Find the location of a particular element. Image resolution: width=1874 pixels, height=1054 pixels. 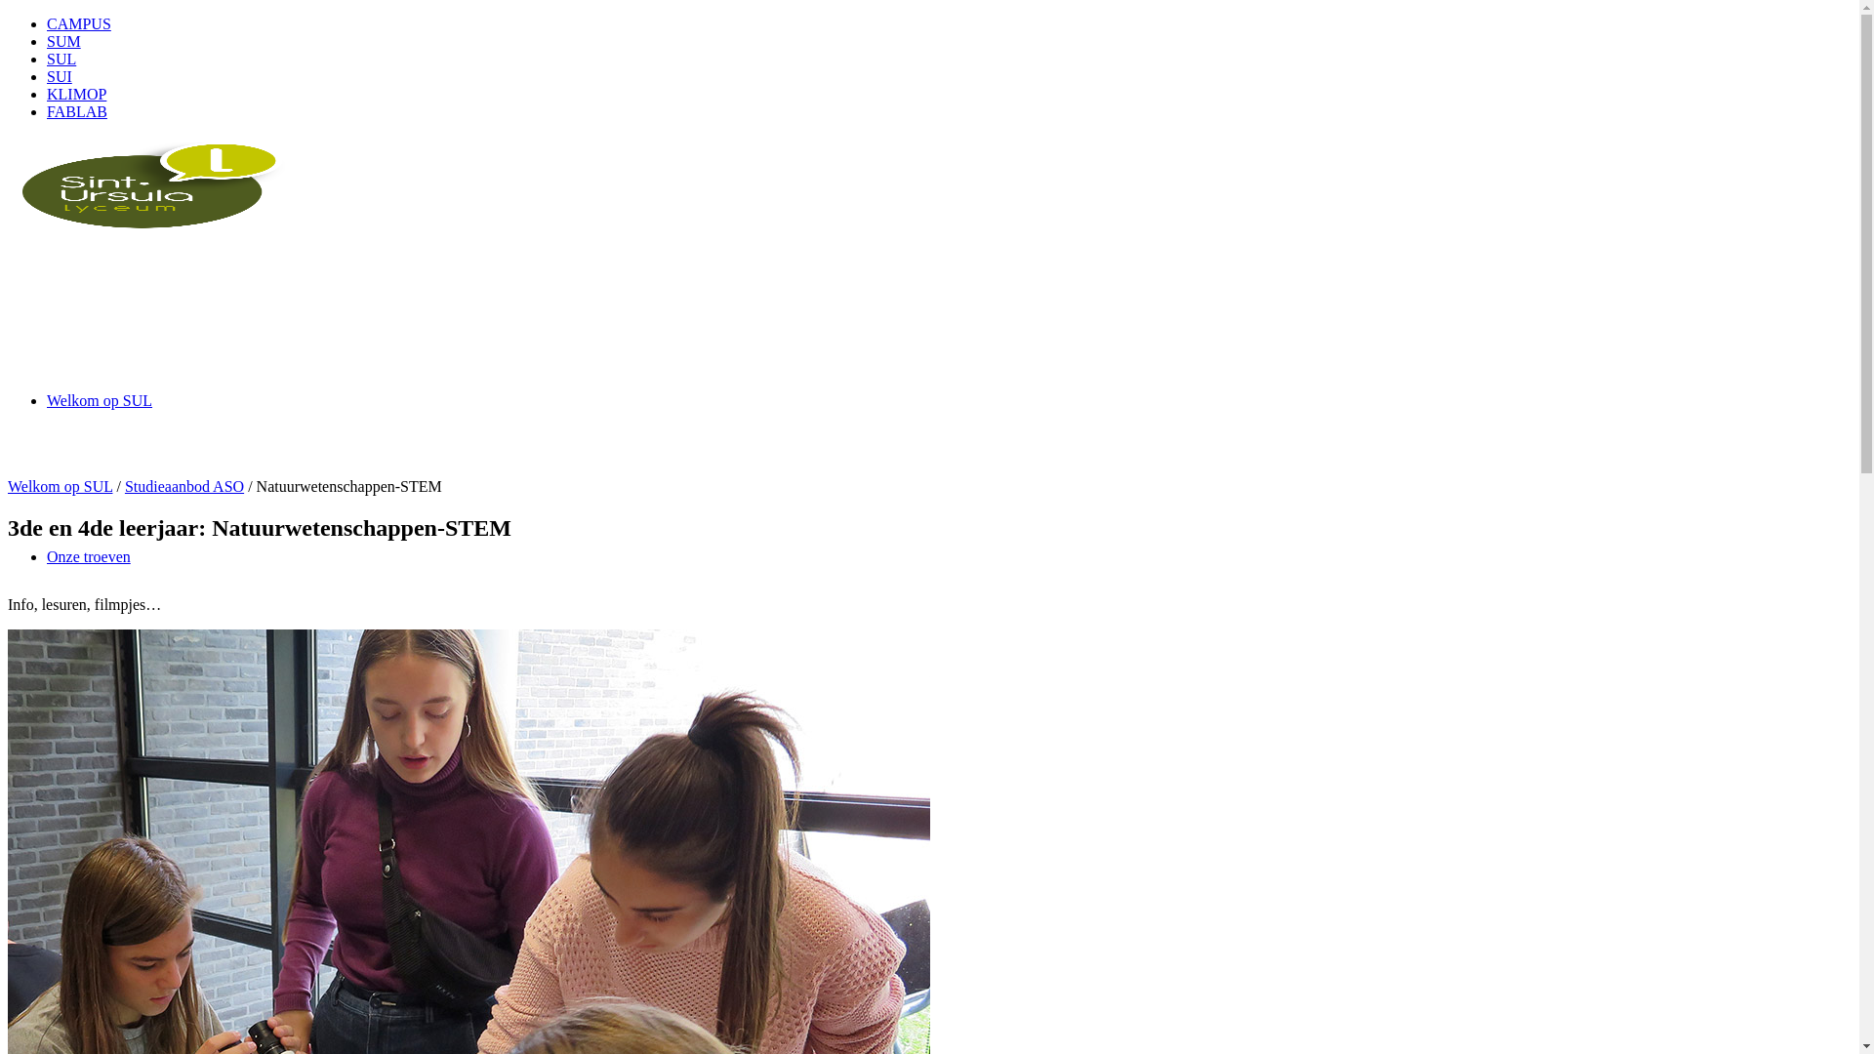

'Campagne' is located at coordinates (78, 1024).